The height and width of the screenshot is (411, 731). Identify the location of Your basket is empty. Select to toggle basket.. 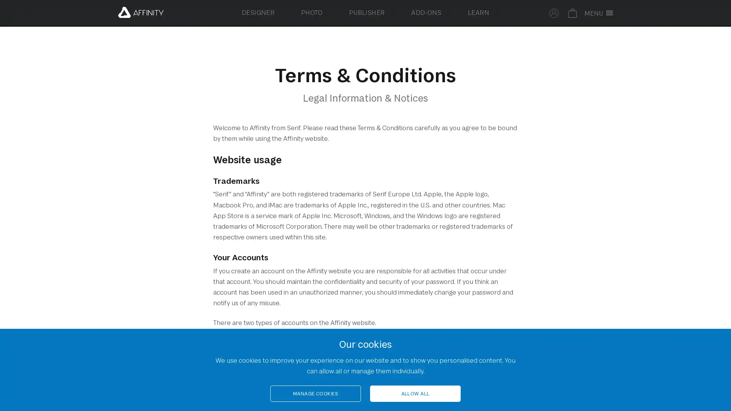
(573, 12).